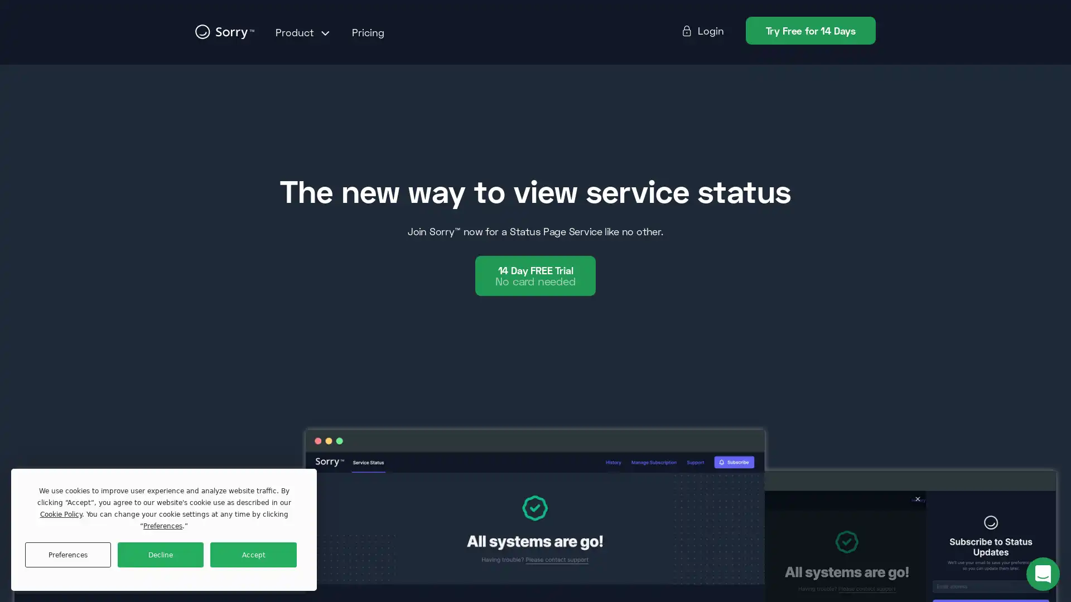 This screenshot has height=602, width=1071. What do you see at coordinates (160, 555) in the screenshot?
I see `Decline` at bounding box center [160, 555].